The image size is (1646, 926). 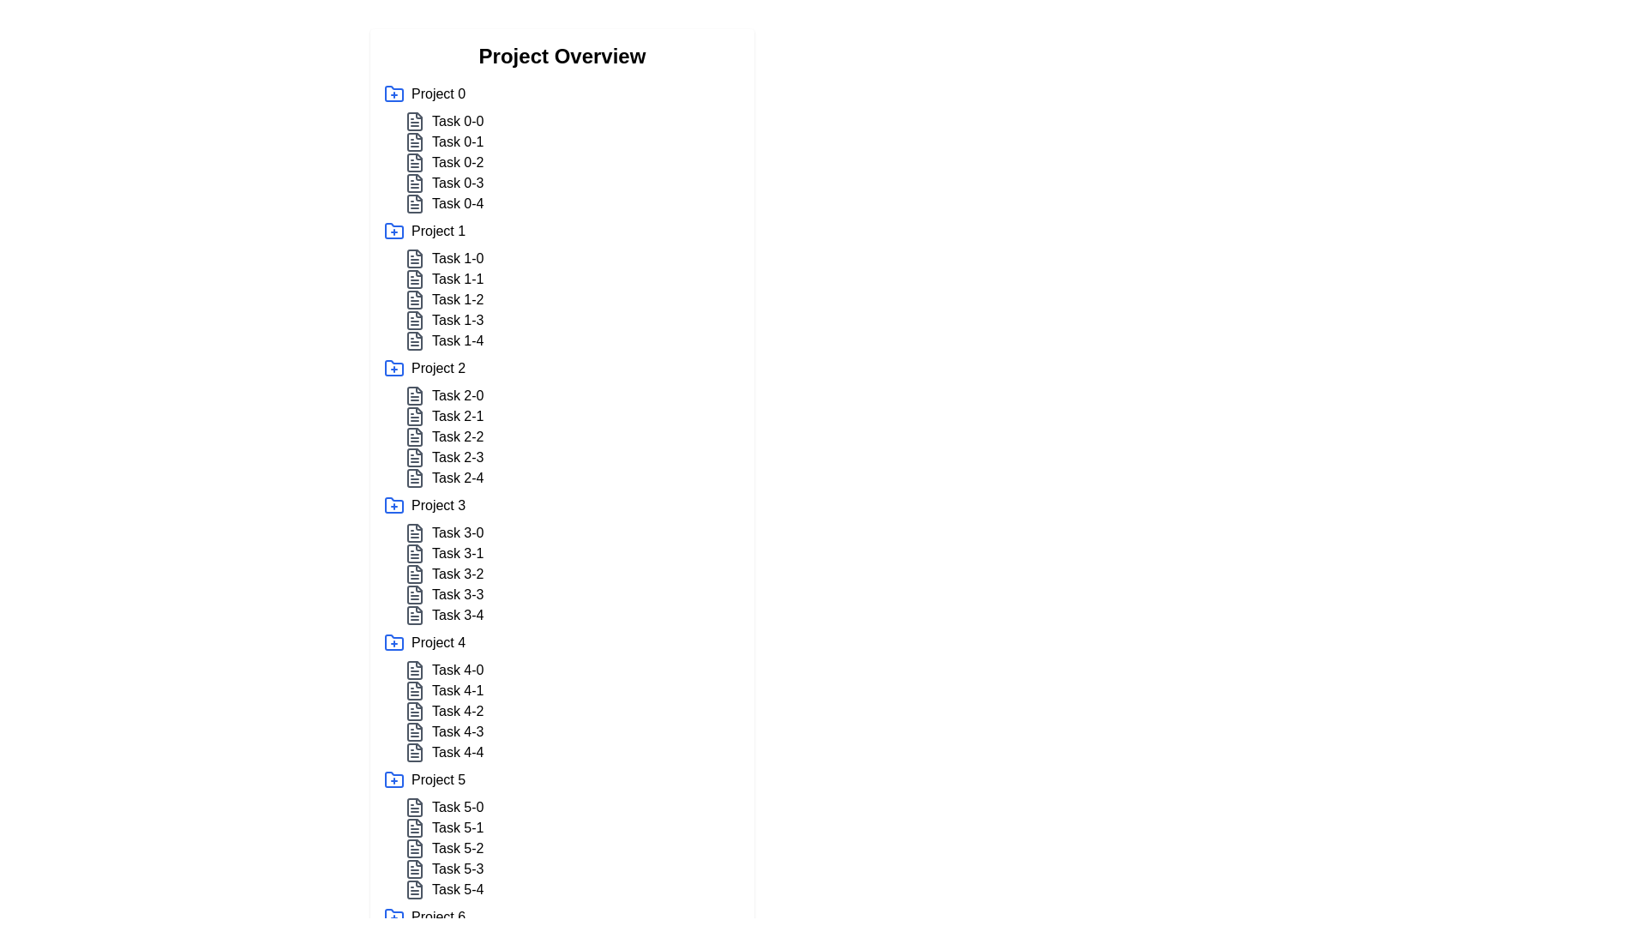 I want to click on the document icon styled in gray color next to 'Task 4-3' for interaction, so click(x=415, y=731).